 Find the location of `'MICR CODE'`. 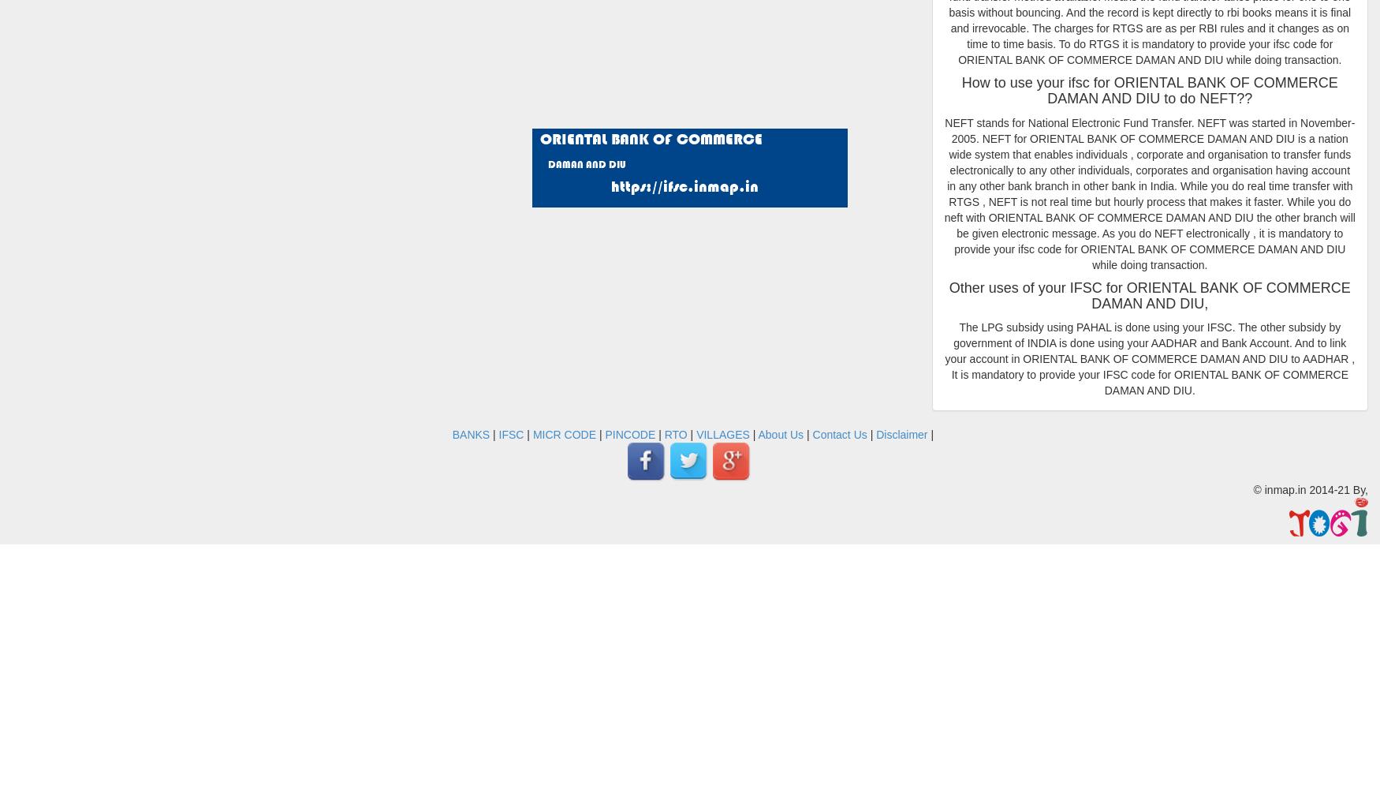

'MICR CODE' is located at coordinates (564, 435).